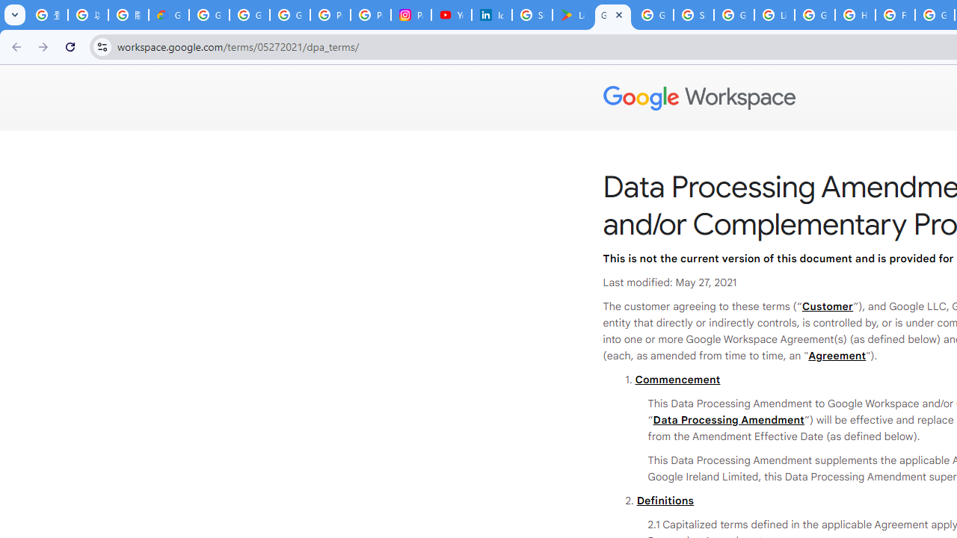 Image resolution: width=957 pixels, height=538 pixels. What do you see at coordinates (532, 15) in the screenshot?
I see `'Sign in - Google Accounts'` at bounding box center [532, 15].